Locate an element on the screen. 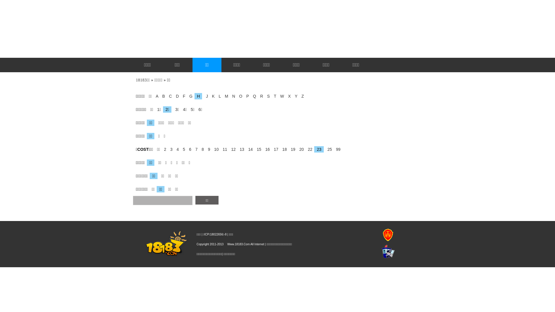 This screenshot has width=555, height=312. 'Y' is located at coordinates (295, 96).